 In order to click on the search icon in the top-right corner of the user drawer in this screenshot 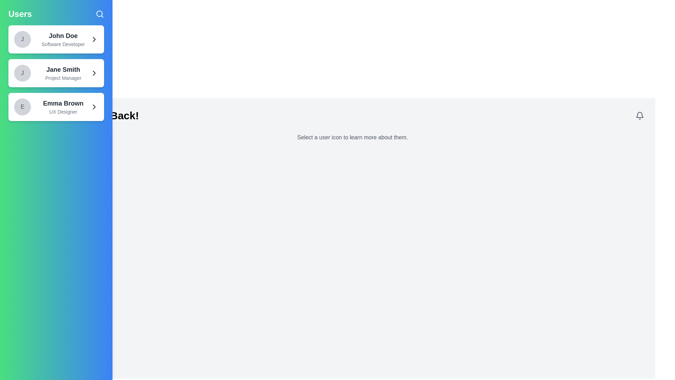, I will do `click(99, 14)`.